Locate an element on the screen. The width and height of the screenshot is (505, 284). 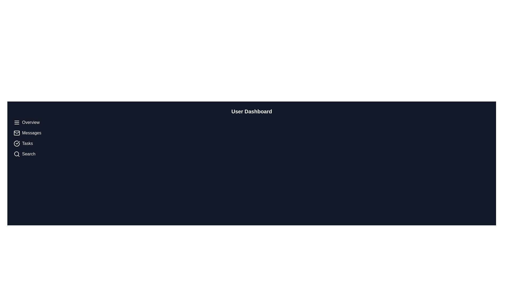
the menu icon located is located at coordinates (17, 123).